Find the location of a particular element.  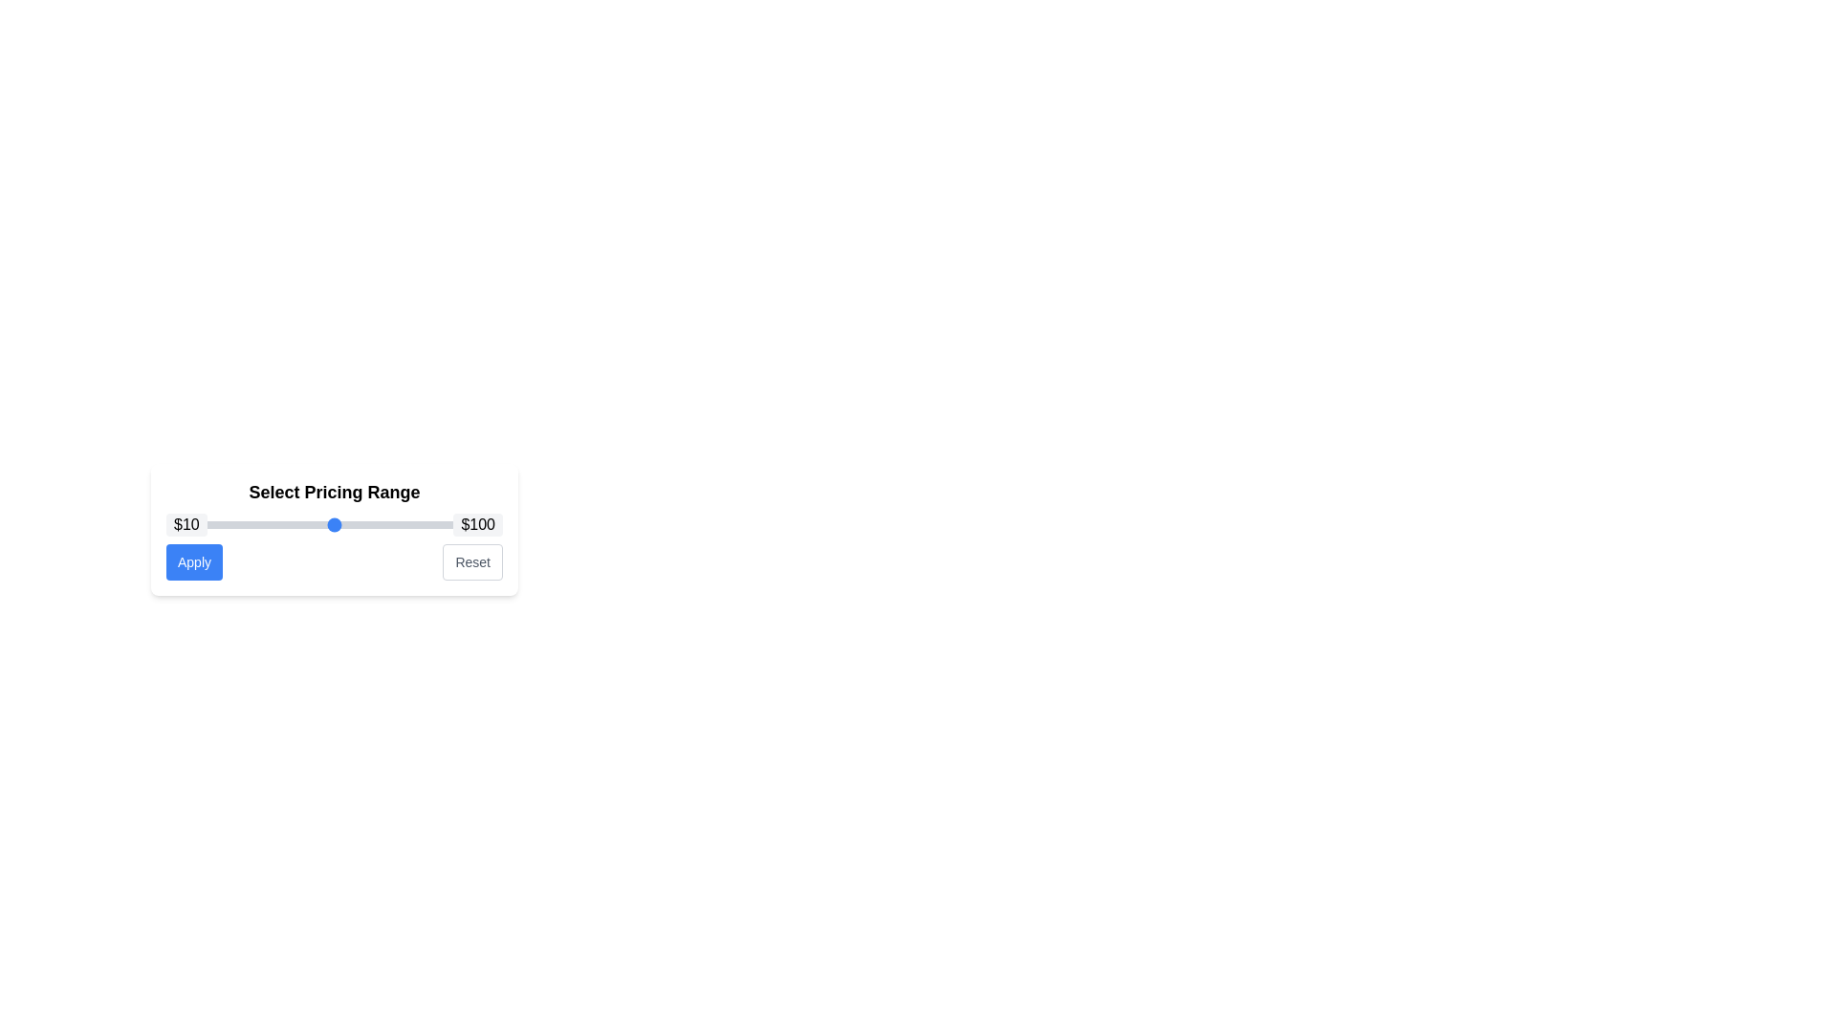

price slider is located at coordinates (251, 524).